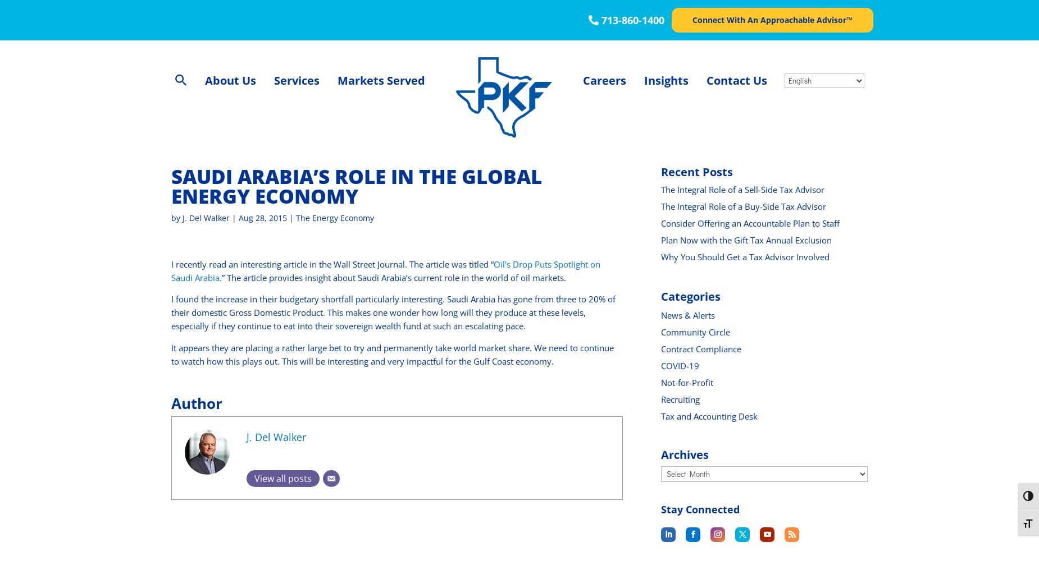  What do you see at coordinates (288, 113) in the screenshot?
I see `'Audit'` at bounding box center [288, 113].